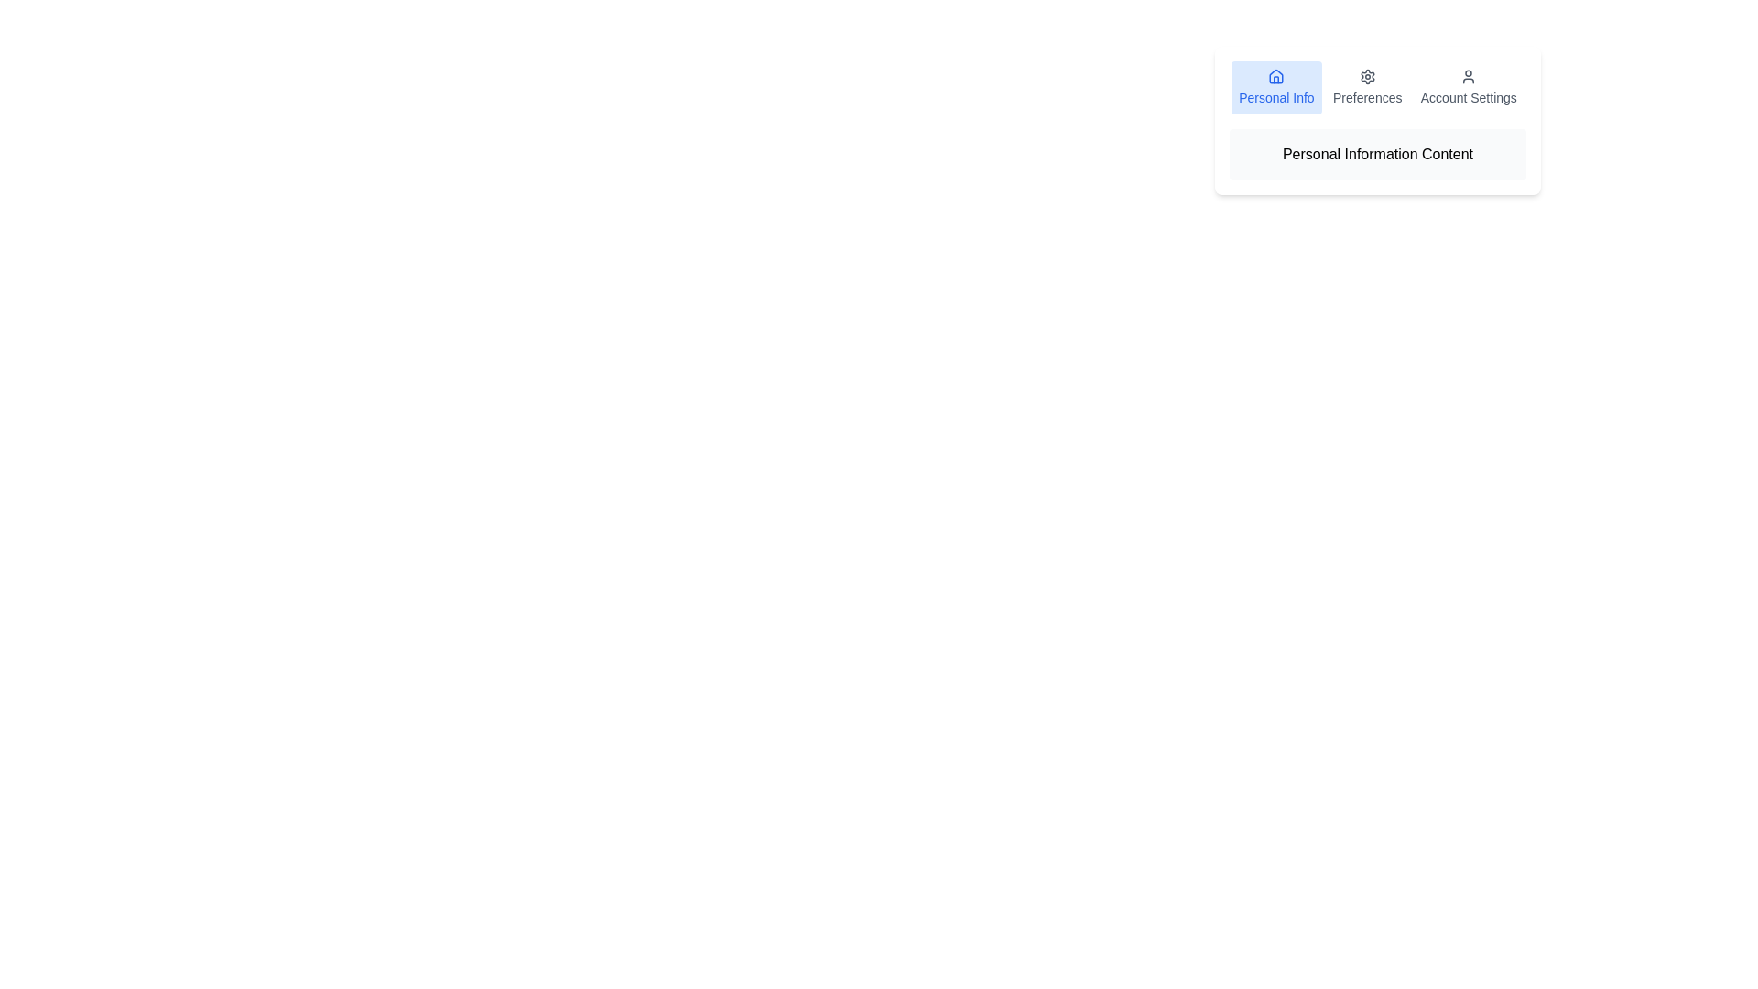 This screenshot has width=1758, height=989. I want to click on the 'Personal Info' button located on the far left of the horizontal navigation bar, so click(1275, 88).